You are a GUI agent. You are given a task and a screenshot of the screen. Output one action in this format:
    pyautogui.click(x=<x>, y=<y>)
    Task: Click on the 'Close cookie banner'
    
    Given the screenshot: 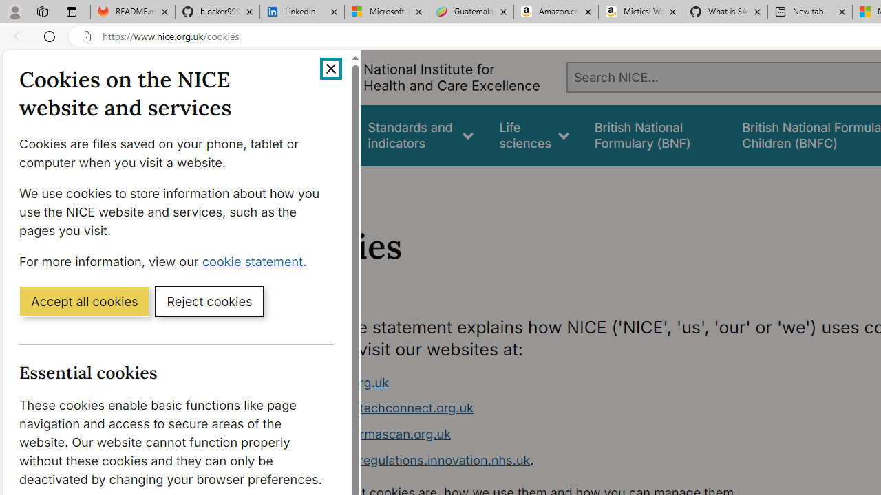 What is the action you would take?
    pyautogui.click(x=330, y=69)
    